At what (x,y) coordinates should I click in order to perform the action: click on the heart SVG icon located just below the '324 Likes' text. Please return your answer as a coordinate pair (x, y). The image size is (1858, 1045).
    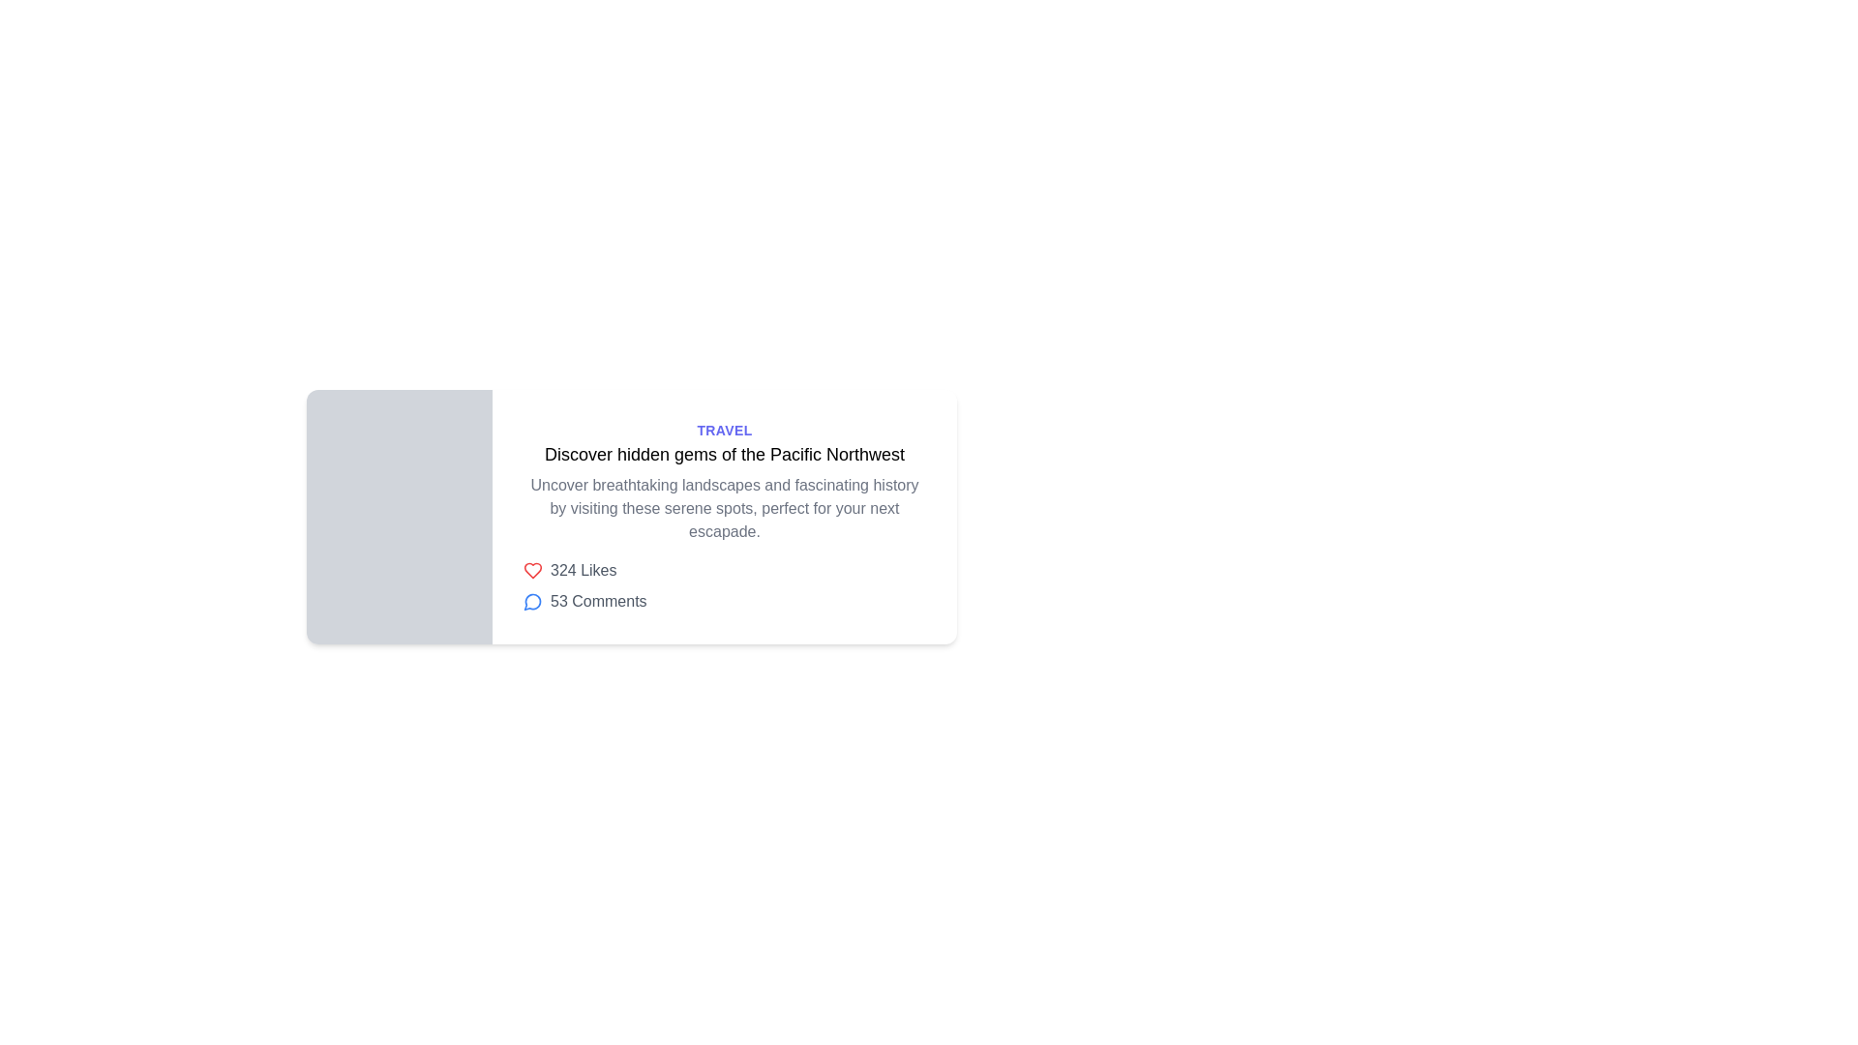
    Looking at the image, I should click on (533, 569).